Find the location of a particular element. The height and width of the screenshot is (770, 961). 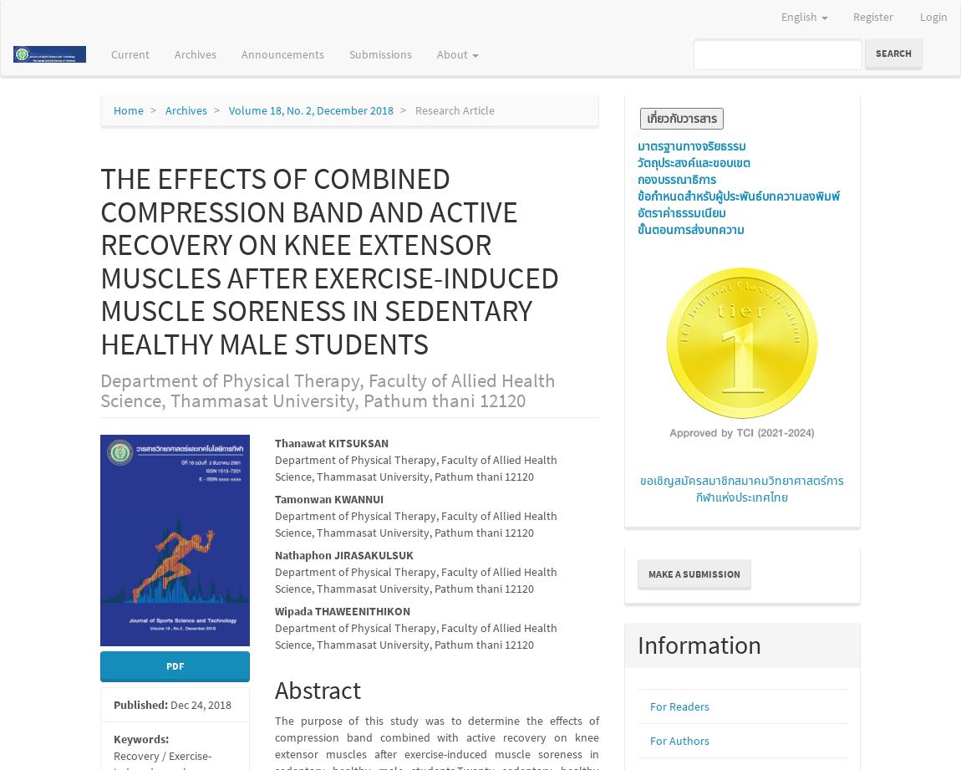

'Announcements' is located at coordinates (282, 54).